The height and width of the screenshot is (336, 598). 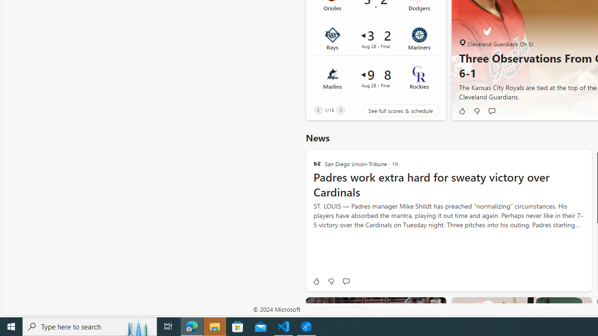 I want to click on 'See full scores & schedule', so click(x=393, y=110).